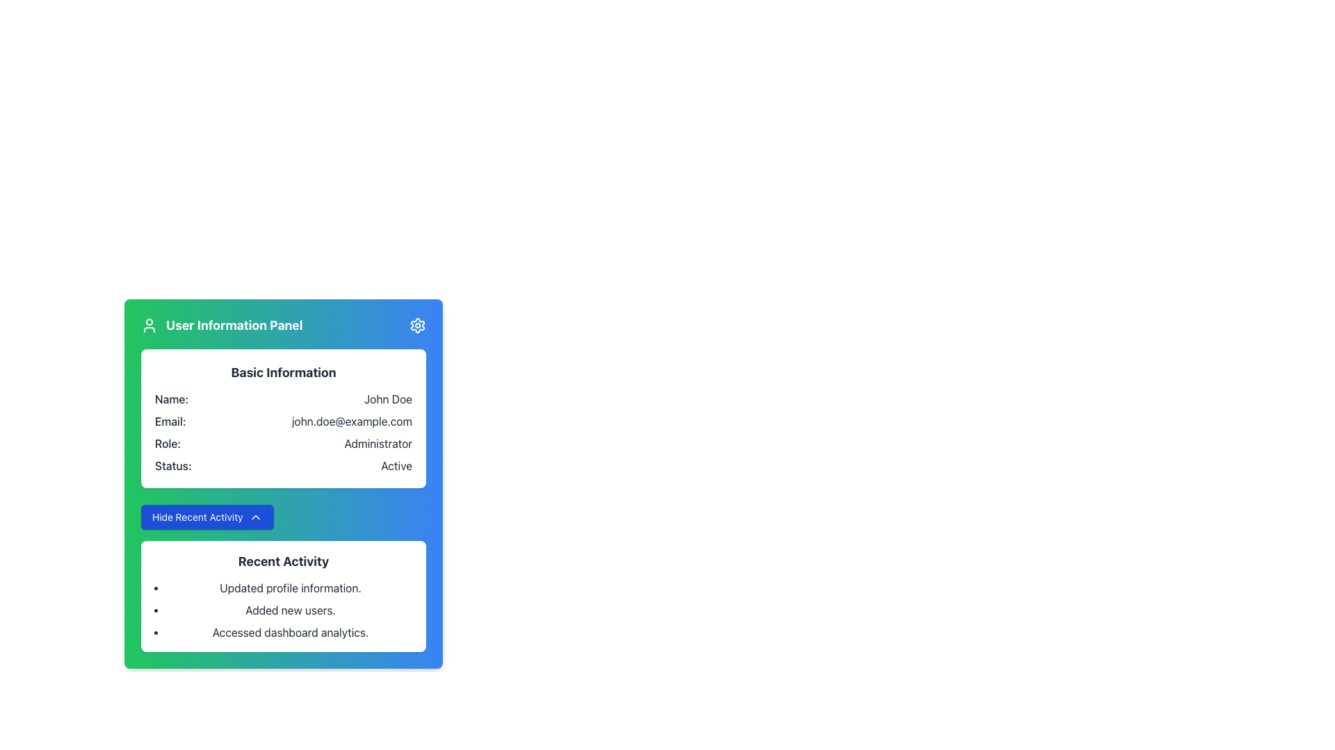  What do you see at coordinates (289, 610) in the screenshot?
I see `the text label that reads 'Added new users.' which is the second item in the bullet-point list under 'Recent Activity.'` at bounding box center [289, 610].